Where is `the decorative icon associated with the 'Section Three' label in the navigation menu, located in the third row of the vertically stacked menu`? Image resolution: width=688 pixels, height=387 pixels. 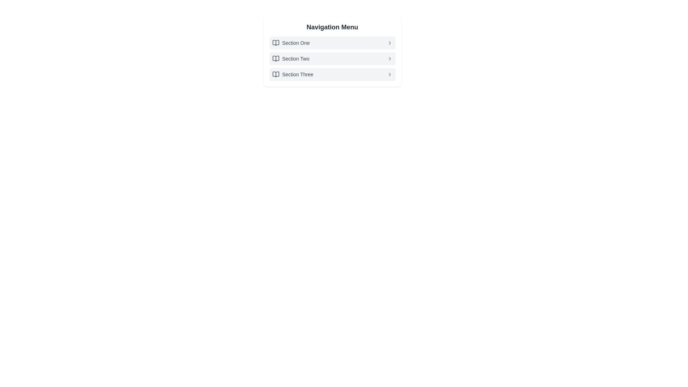
the decorative icon associated with the 'Section Three' label in the navigation menu, located in the third row of the vertically stacked menu is located at coordinates (275, 75).